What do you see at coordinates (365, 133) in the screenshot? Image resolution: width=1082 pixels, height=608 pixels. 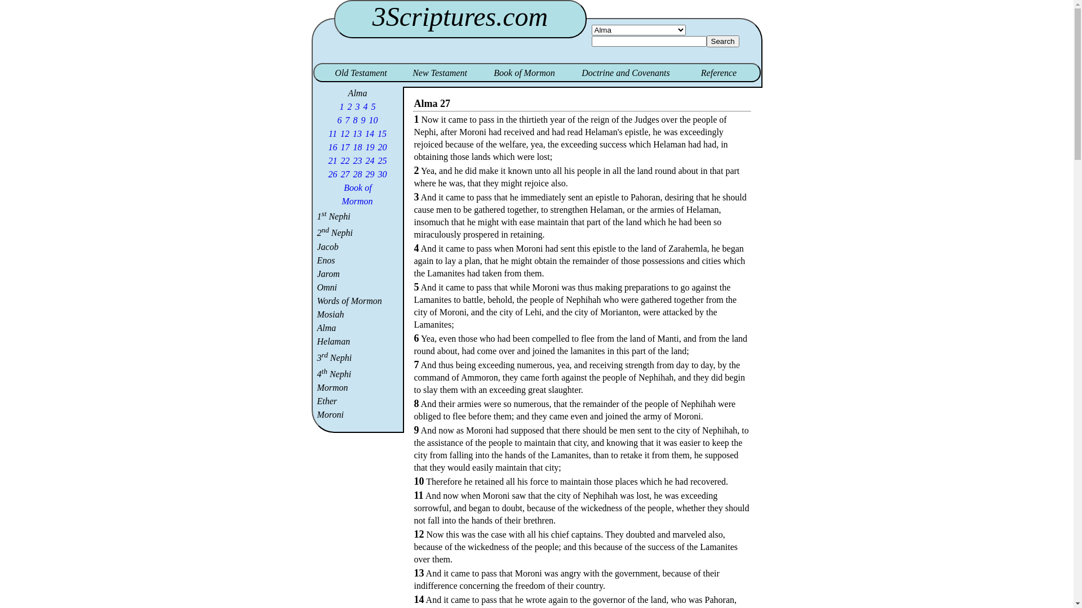 I see `'14'` at bounding box center [365, 133].